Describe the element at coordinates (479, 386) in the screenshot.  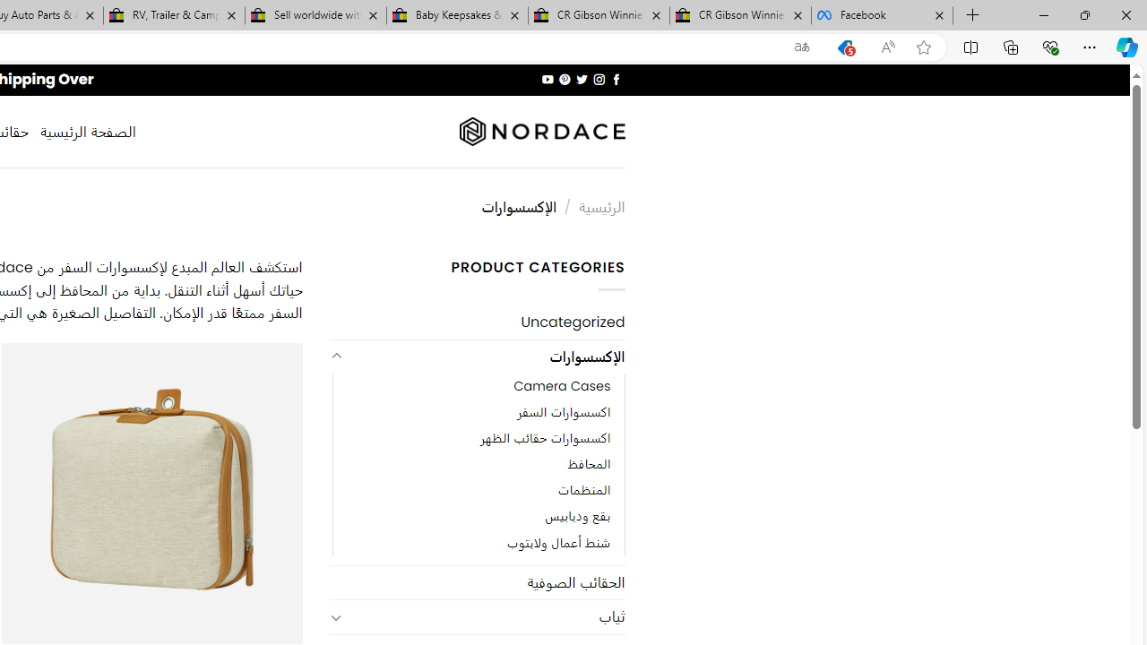
I see `'Camera Cases'` at that location.